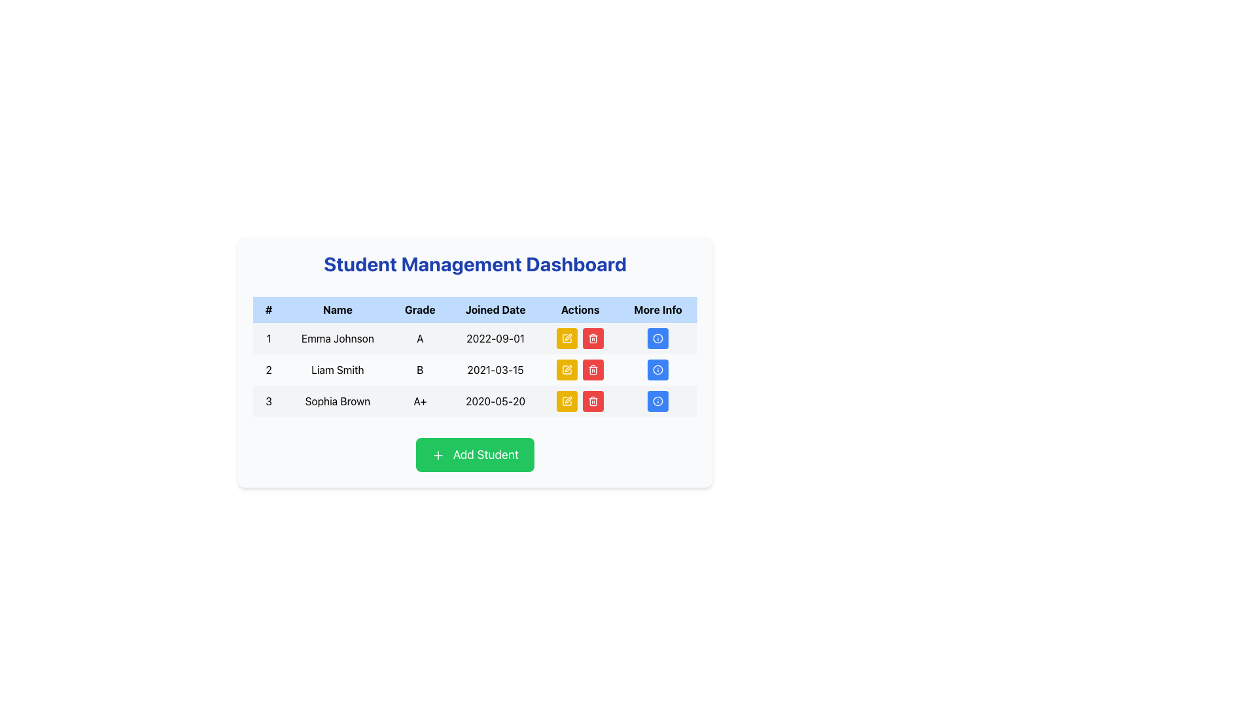 The width and height of the screenshot is (1256, 706). I want to click on the text label containing the character '#' located in the first position of the table header, styled with padding on a light blue background, so click(268, 310).